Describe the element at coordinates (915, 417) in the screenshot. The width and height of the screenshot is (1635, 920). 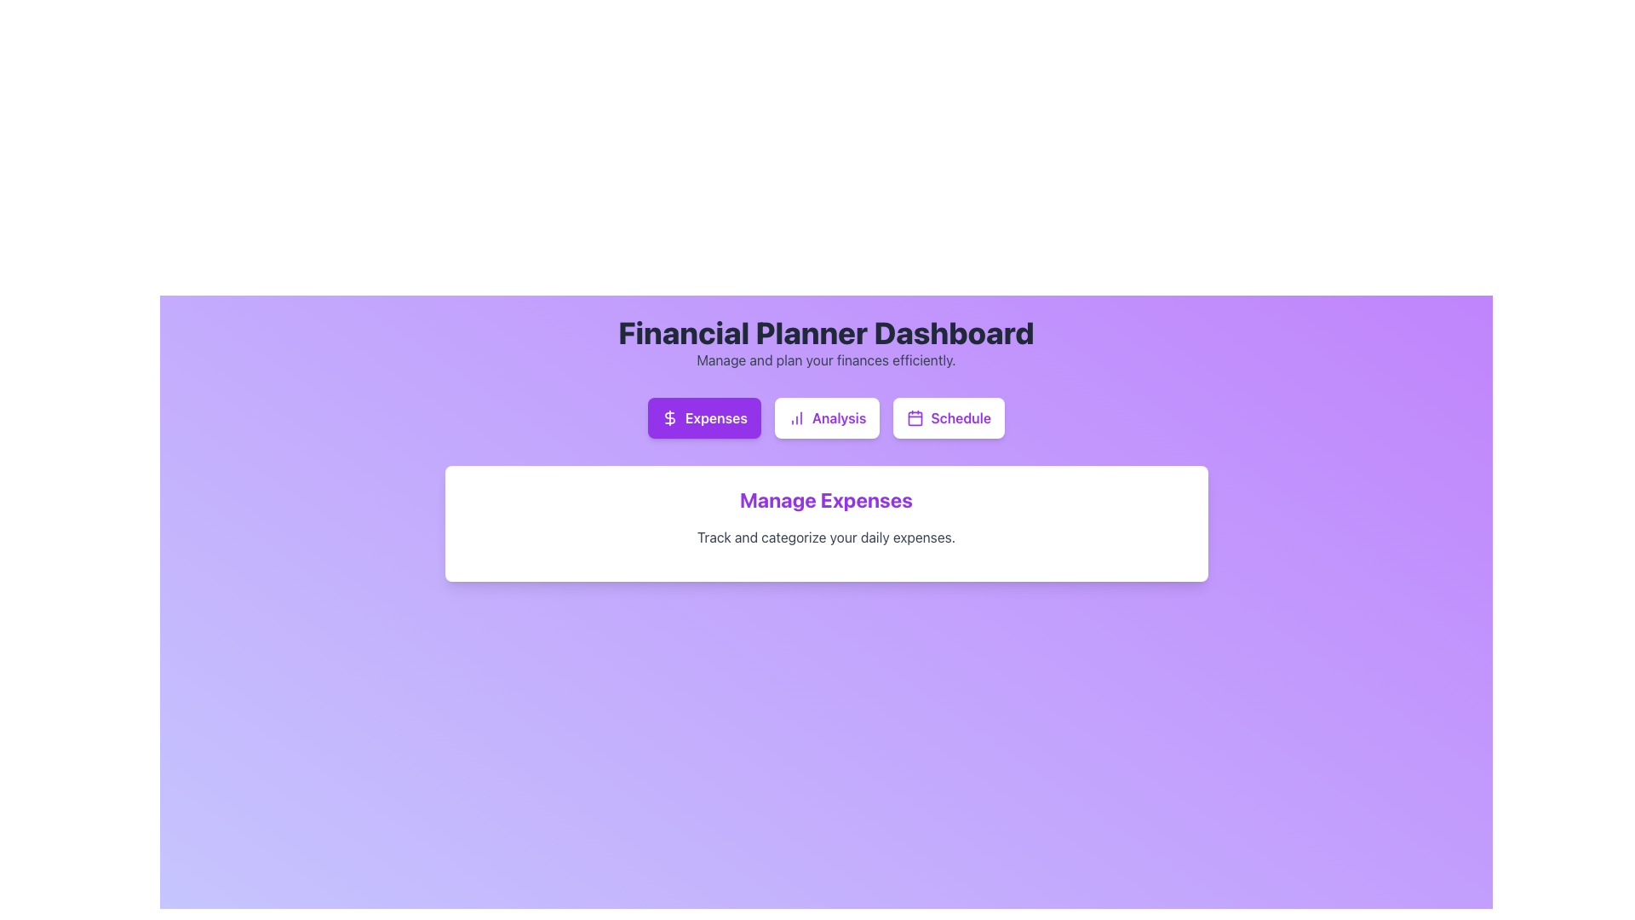
I see `the 'Schedule' icon located on the left portion of the 'Schedule' button in the upper section of the interface` at that location.